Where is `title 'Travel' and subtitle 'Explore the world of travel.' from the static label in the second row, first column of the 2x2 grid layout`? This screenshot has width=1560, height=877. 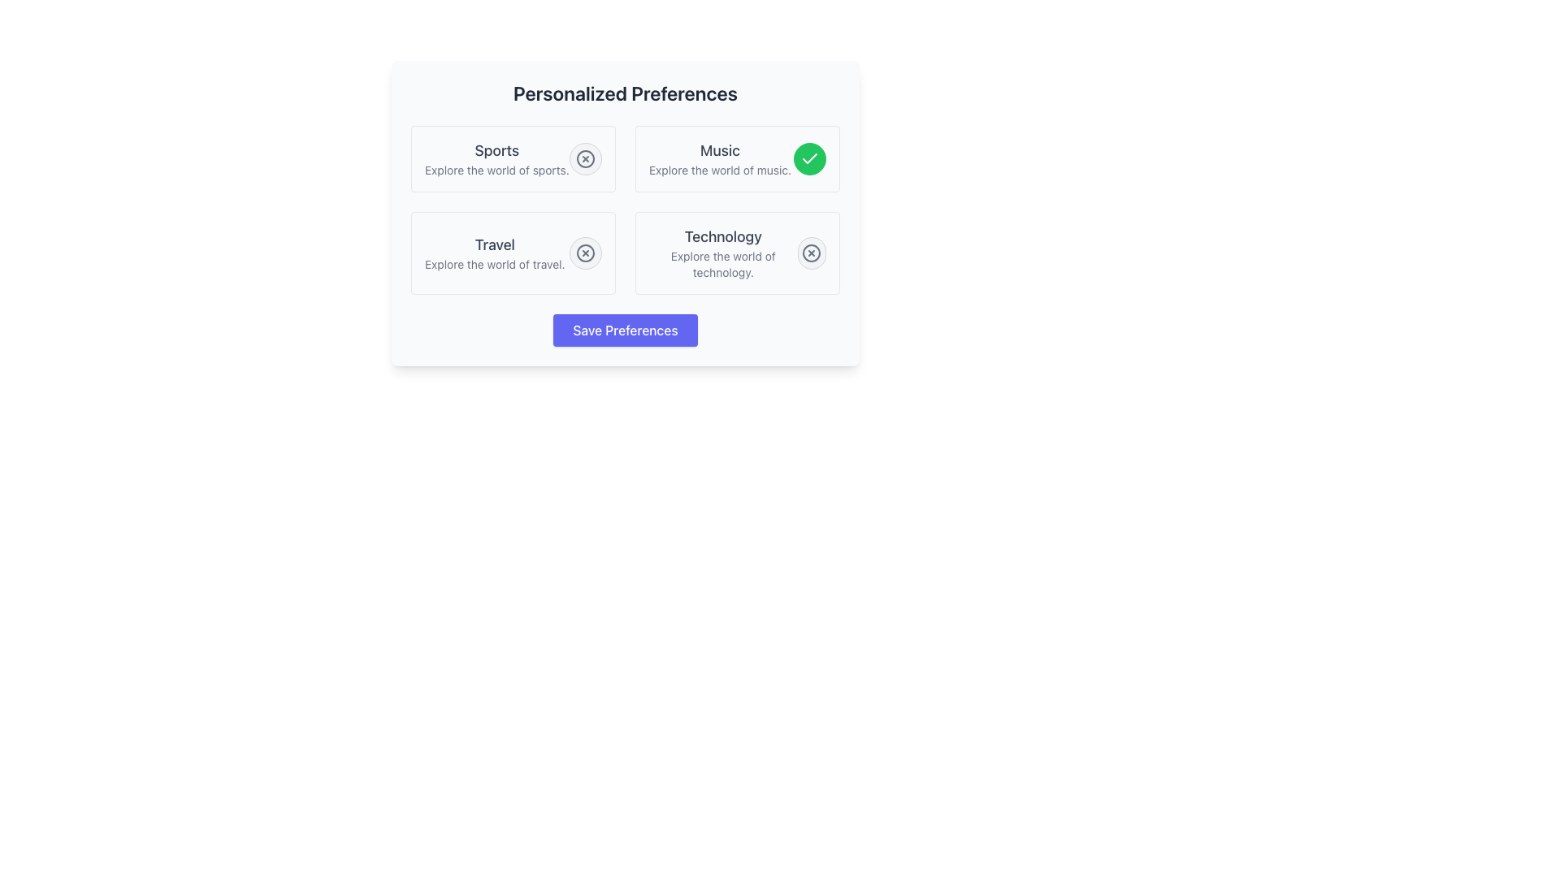 title 'Travel' and subtitle 'Explore the world of travel.' from the static label in the second row, first column of the 2x2 grid layout is located at coordinates (494, 253).